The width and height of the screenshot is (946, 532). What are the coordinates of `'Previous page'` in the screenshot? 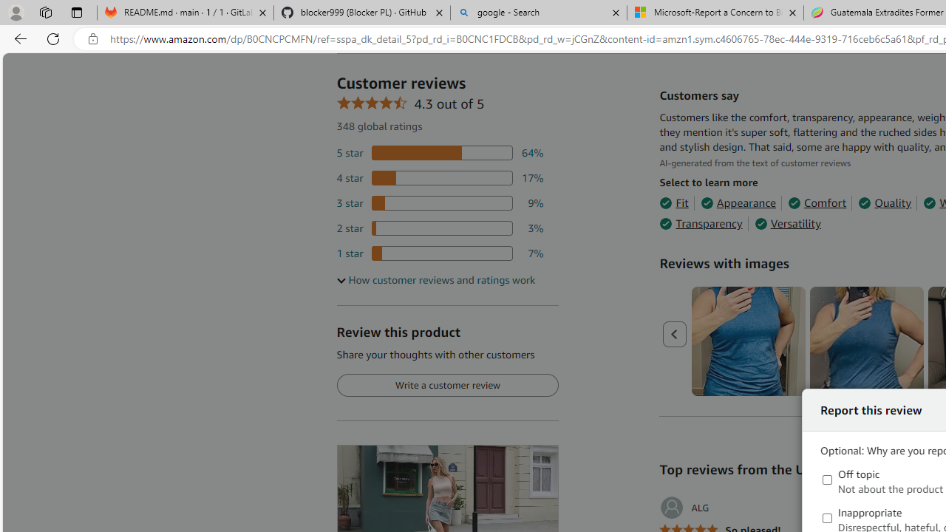 It's located at (674, 334).